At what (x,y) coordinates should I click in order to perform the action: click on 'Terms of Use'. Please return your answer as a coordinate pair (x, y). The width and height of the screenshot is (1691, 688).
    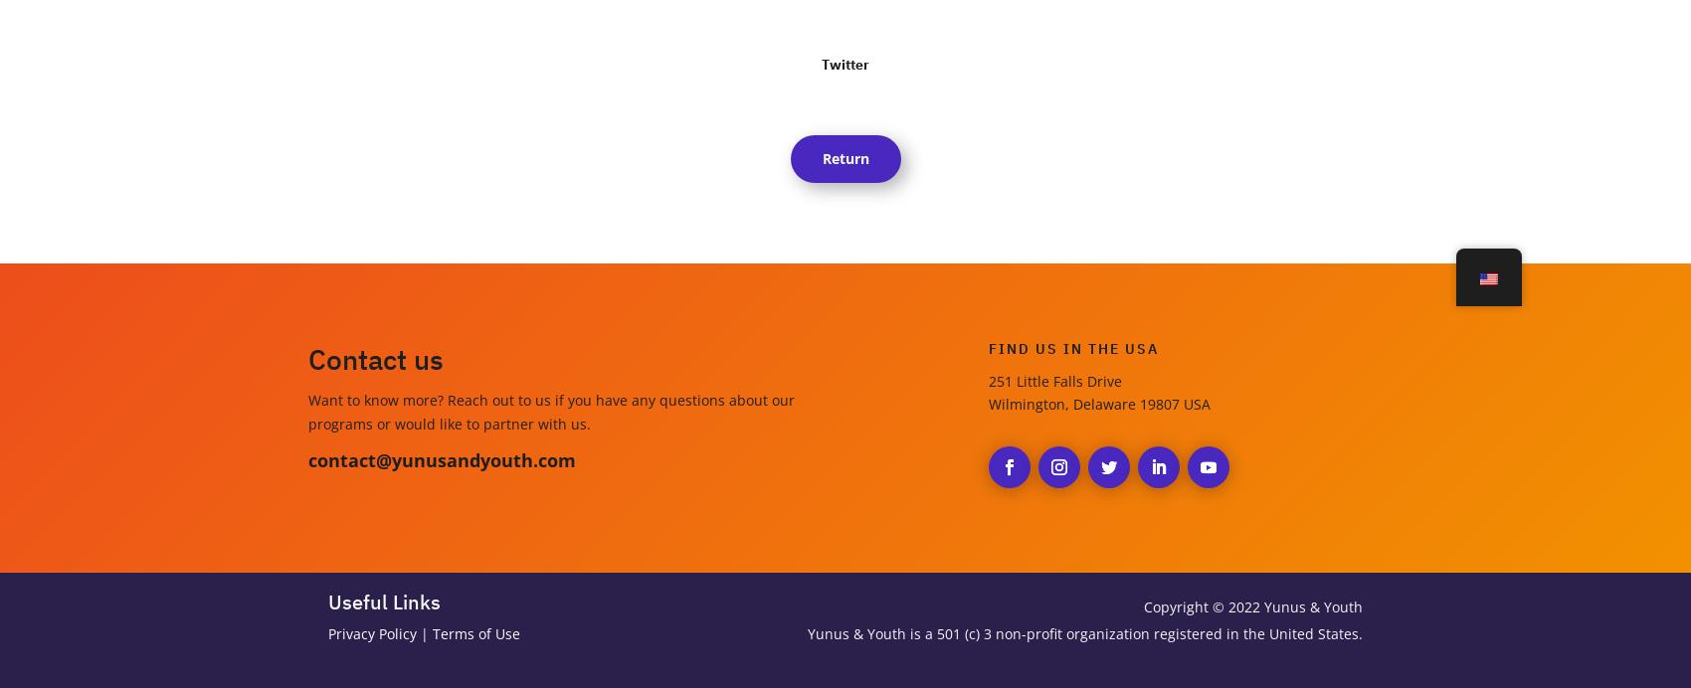
    Looking at the image, I should click on (433, 633).